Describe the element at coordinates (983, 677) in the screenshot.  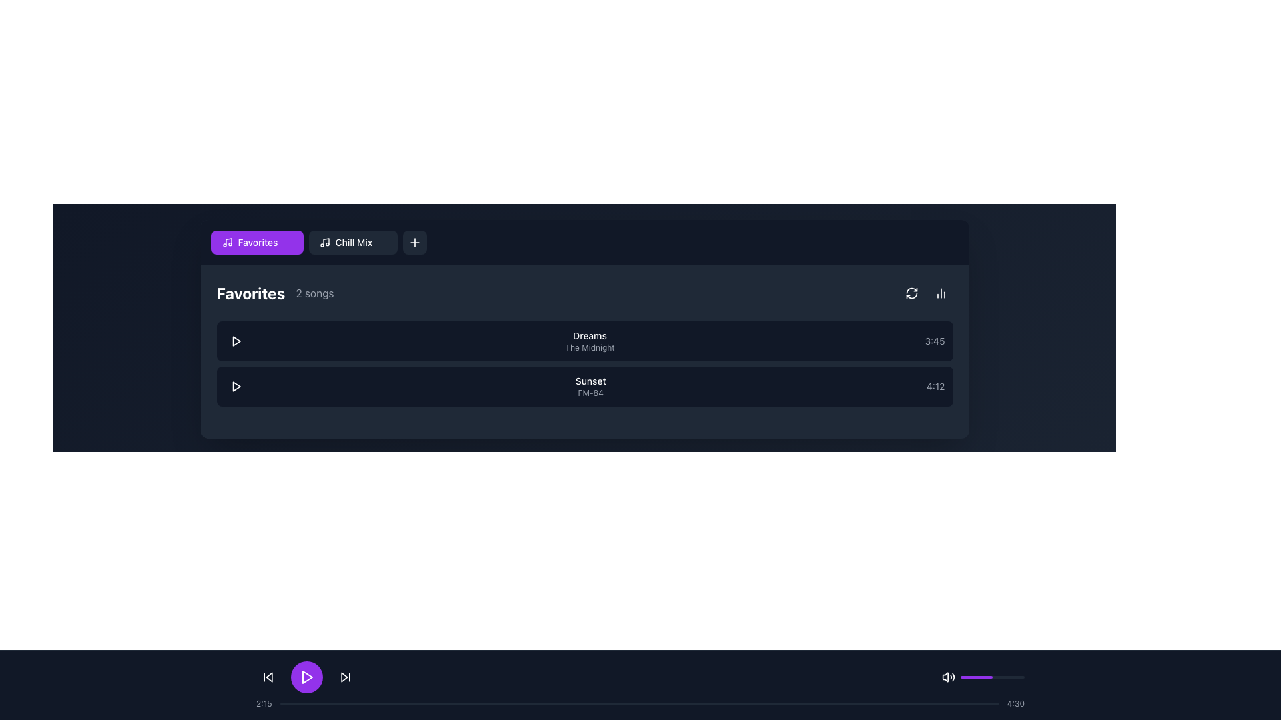
I see `slider position` at that location.